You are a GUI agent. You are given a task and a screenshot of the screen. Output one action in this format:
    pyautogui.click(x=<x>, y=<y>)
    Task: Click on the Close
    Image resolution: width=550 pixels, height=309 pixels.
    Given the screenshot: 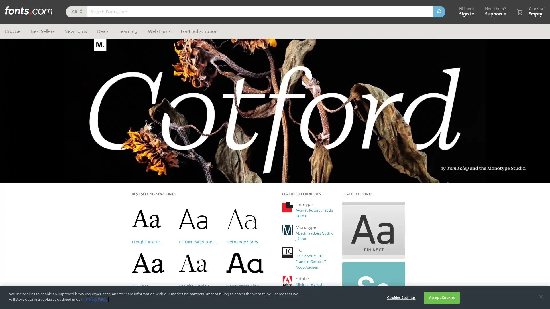 What is the action you would take?
    pyautogui.click(x=382, y=41)
    